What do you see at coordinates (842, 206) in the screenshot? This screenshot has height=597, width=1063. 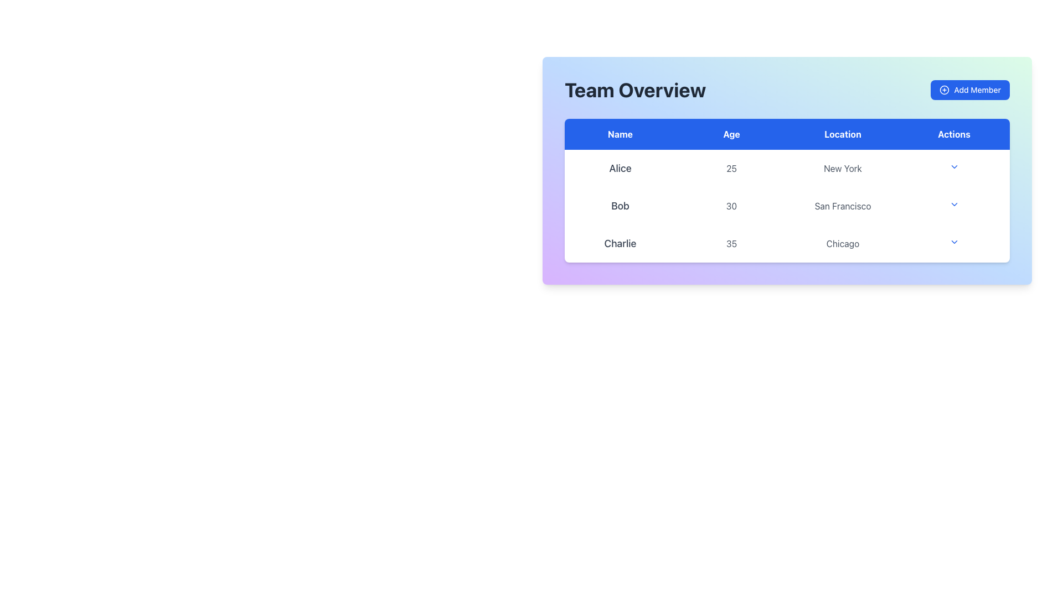 I see `the informational display showing the location associated with user 'Bob' in the 'Location' column of the team overview table` at bounding box center [842, 206].